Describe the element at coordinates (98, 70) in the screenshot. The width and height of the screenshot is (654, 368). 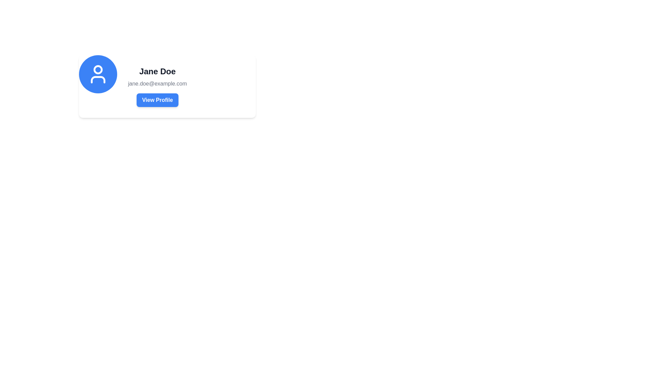
I see `the interactive circular design positioned within the left-side larger blue circle at the center-top of the icon` at that location.